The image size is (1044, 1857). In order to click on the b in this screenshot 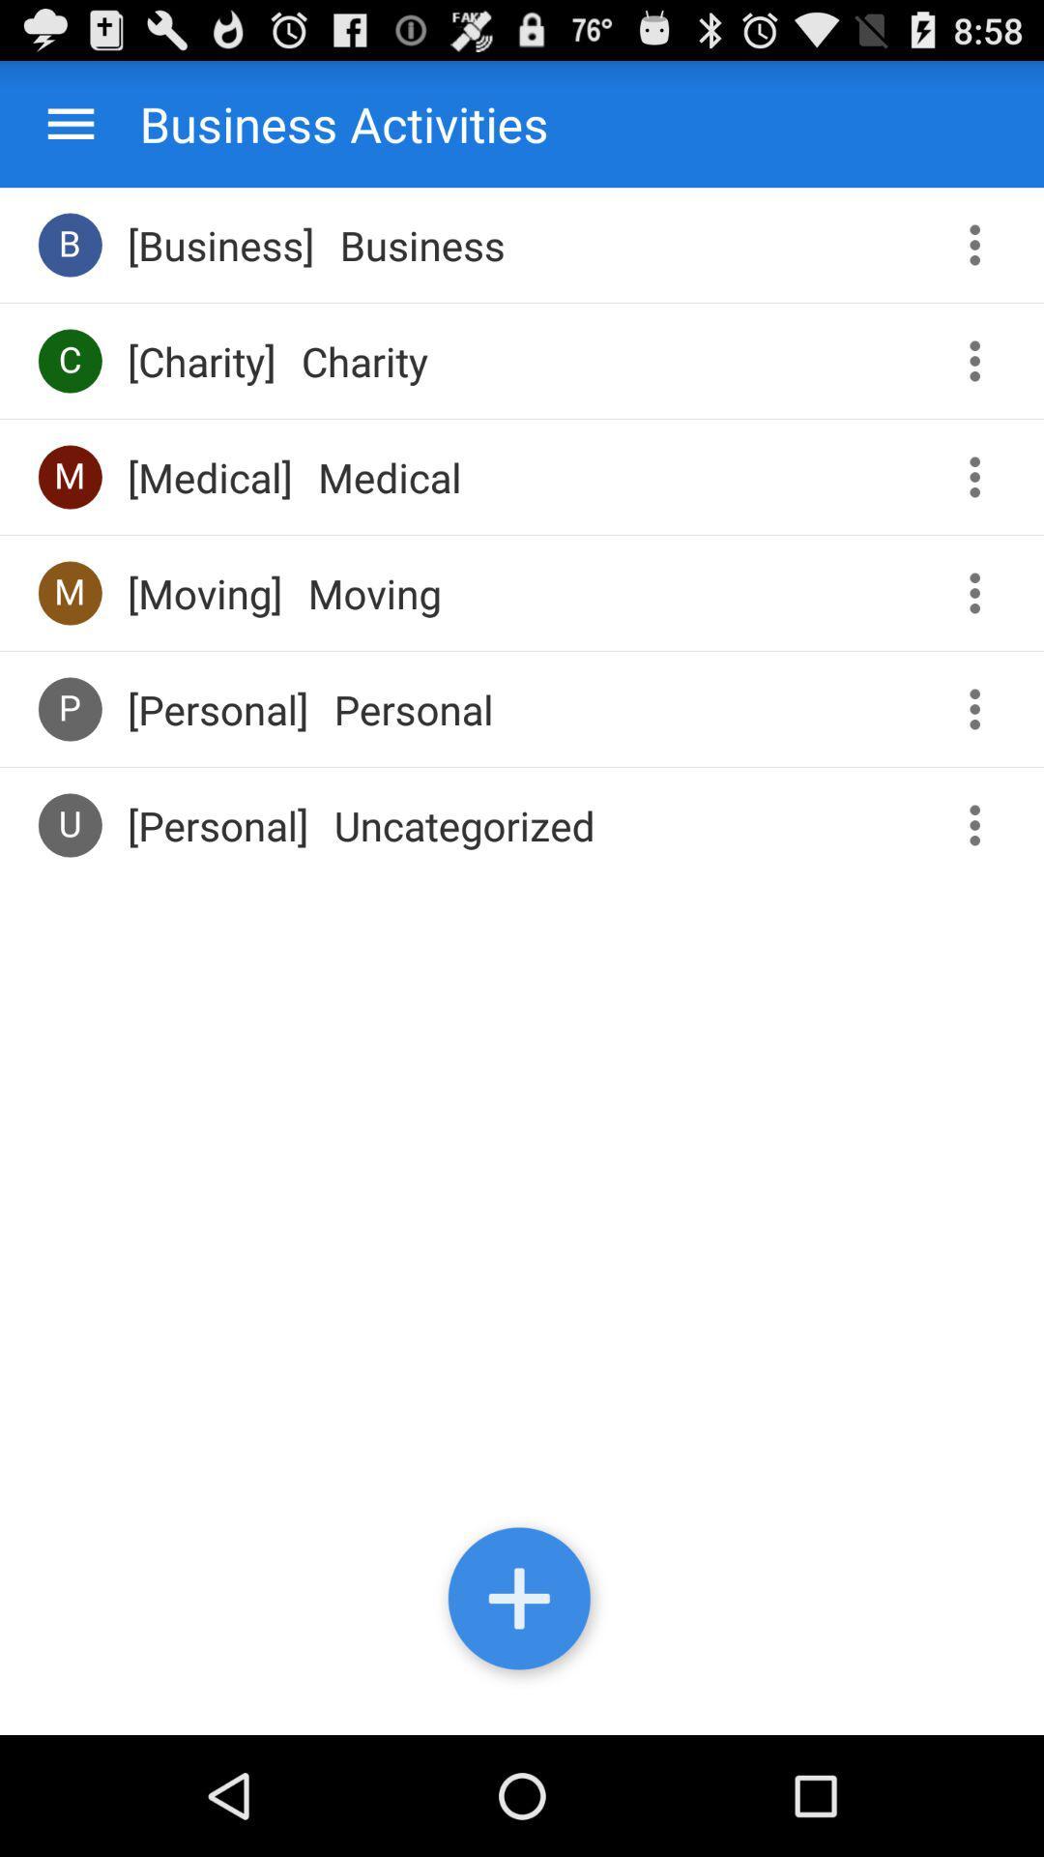, I will do `click(69, 244)`.